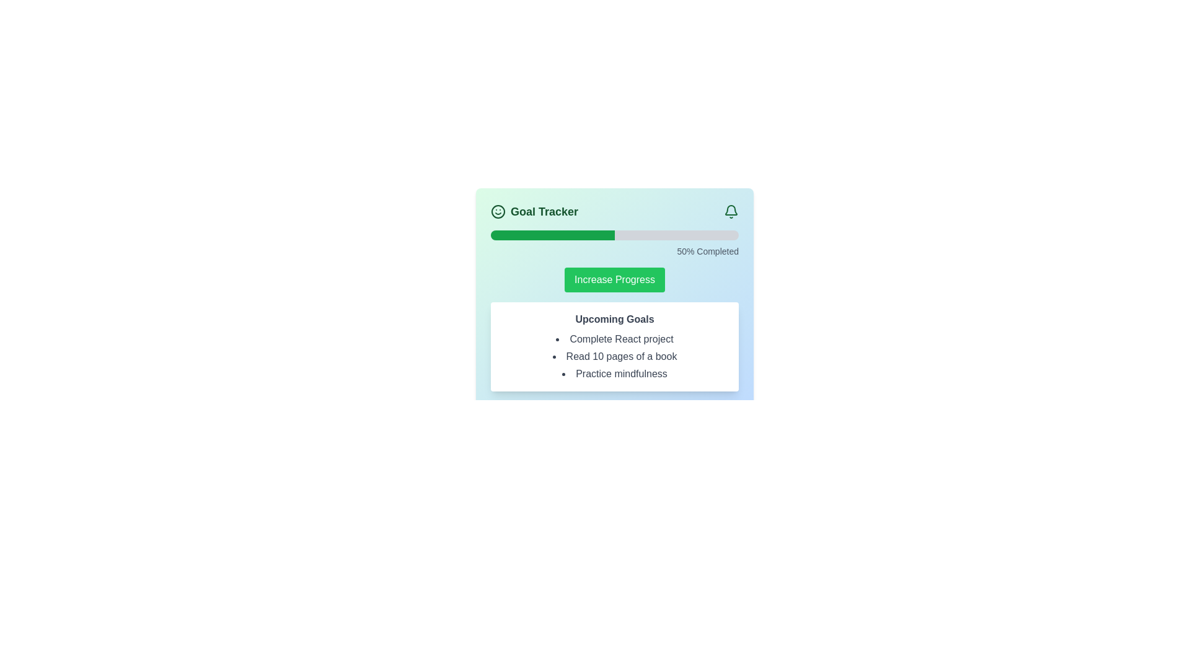 The image size is (1190, 669). What do you see at coordinates (615, 243) in the screenshot?
I see `the progress bar labeled 'Goal Tracker' which is filled to 50% and shows '50% Completed' next to it` at bounding box center [615, 243].